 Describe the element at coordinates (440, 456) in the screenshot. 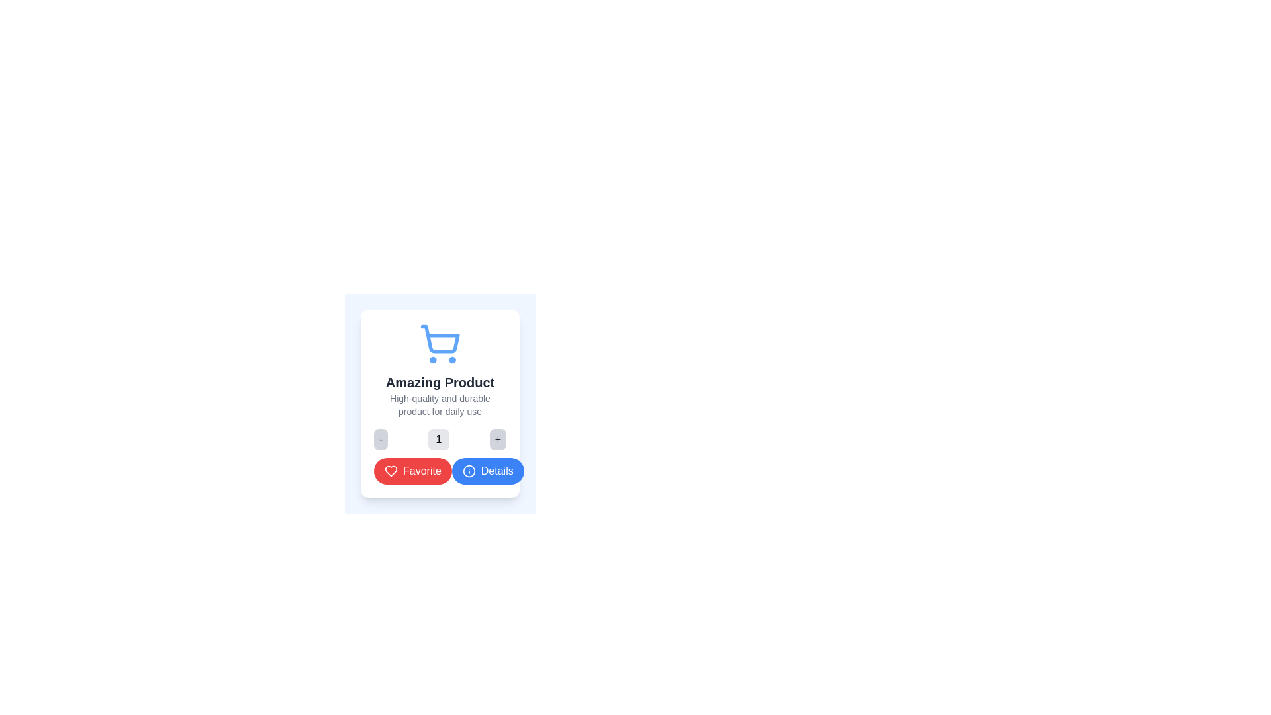

I see `the 'Favorite' button located below the counter component ('- 1 +') and to the left of the 'Details' button to mark the product as a favorite` at that location.